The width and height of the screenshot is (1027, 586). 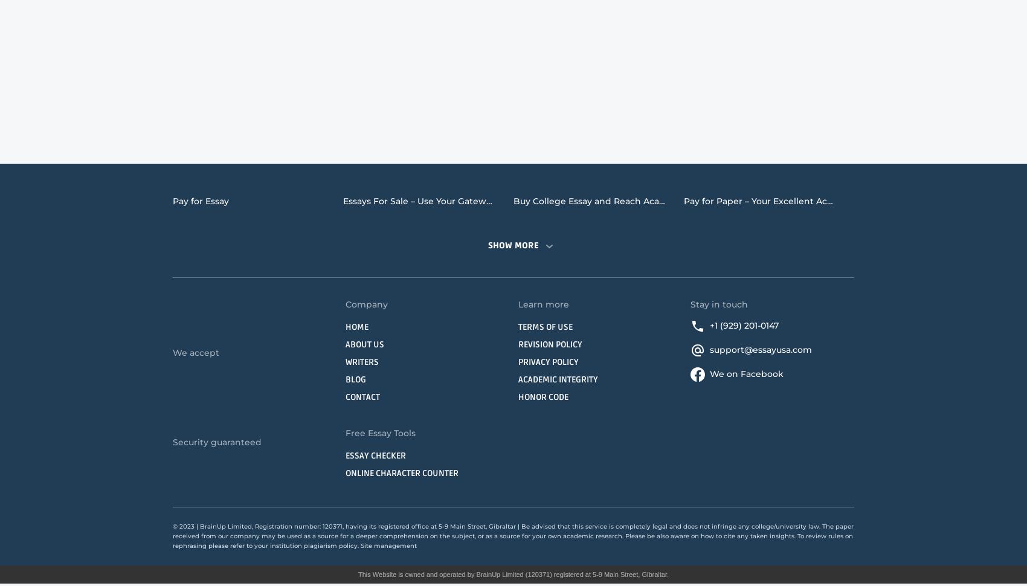 What do you see at coordinates (226, 245) in the screenshot?
I see `'Research Papers for Sale'` at bounding box center [226, 245].